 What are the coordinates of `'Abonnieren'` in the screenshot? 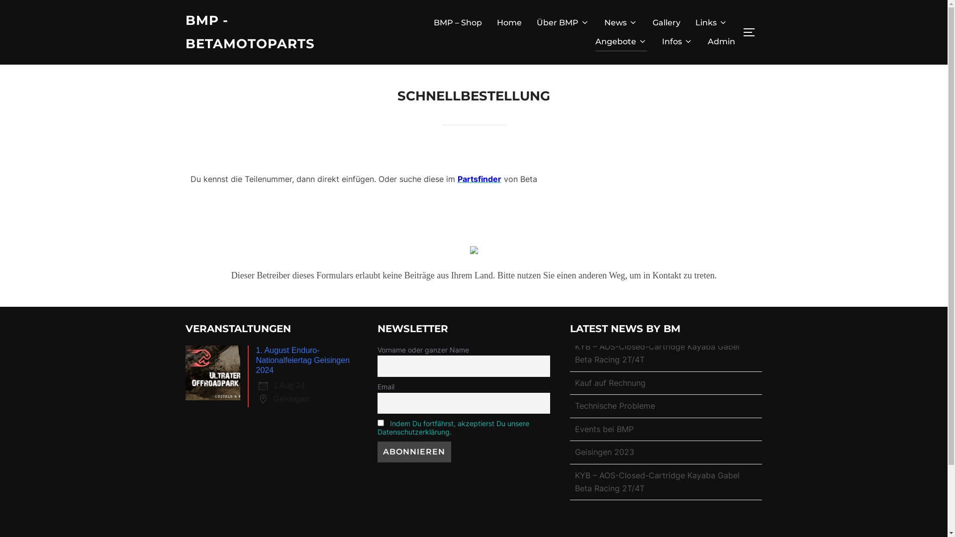 It's located at (414, 451).